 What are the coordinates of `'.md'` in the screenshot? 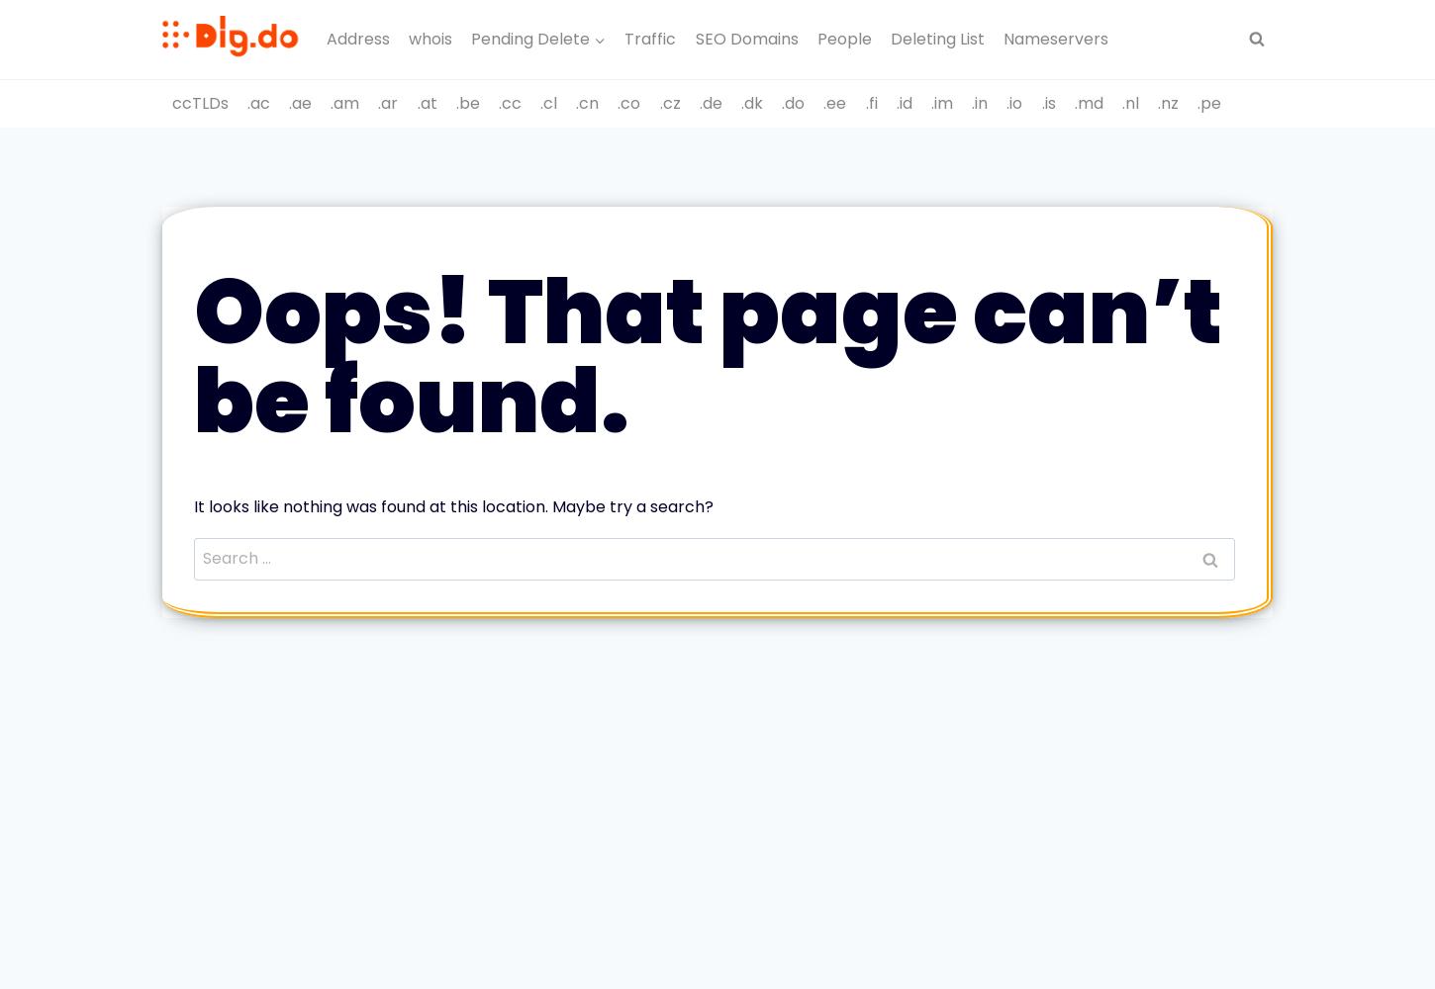 It's located at (1087, 101).